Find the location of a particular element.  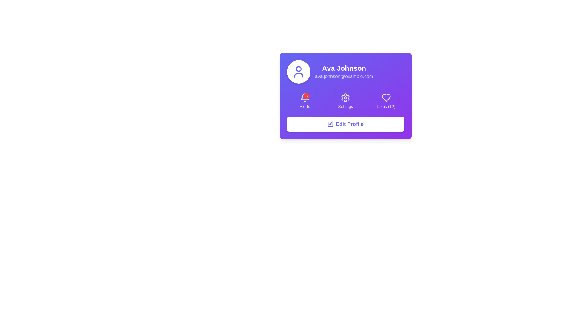

the button-like component with a decorative label that serves as an access point for user settings, located centrally between the 'Alerts' and 'Likes (12)' sections in the second section of the interface card is located at coordinates (345, 101).